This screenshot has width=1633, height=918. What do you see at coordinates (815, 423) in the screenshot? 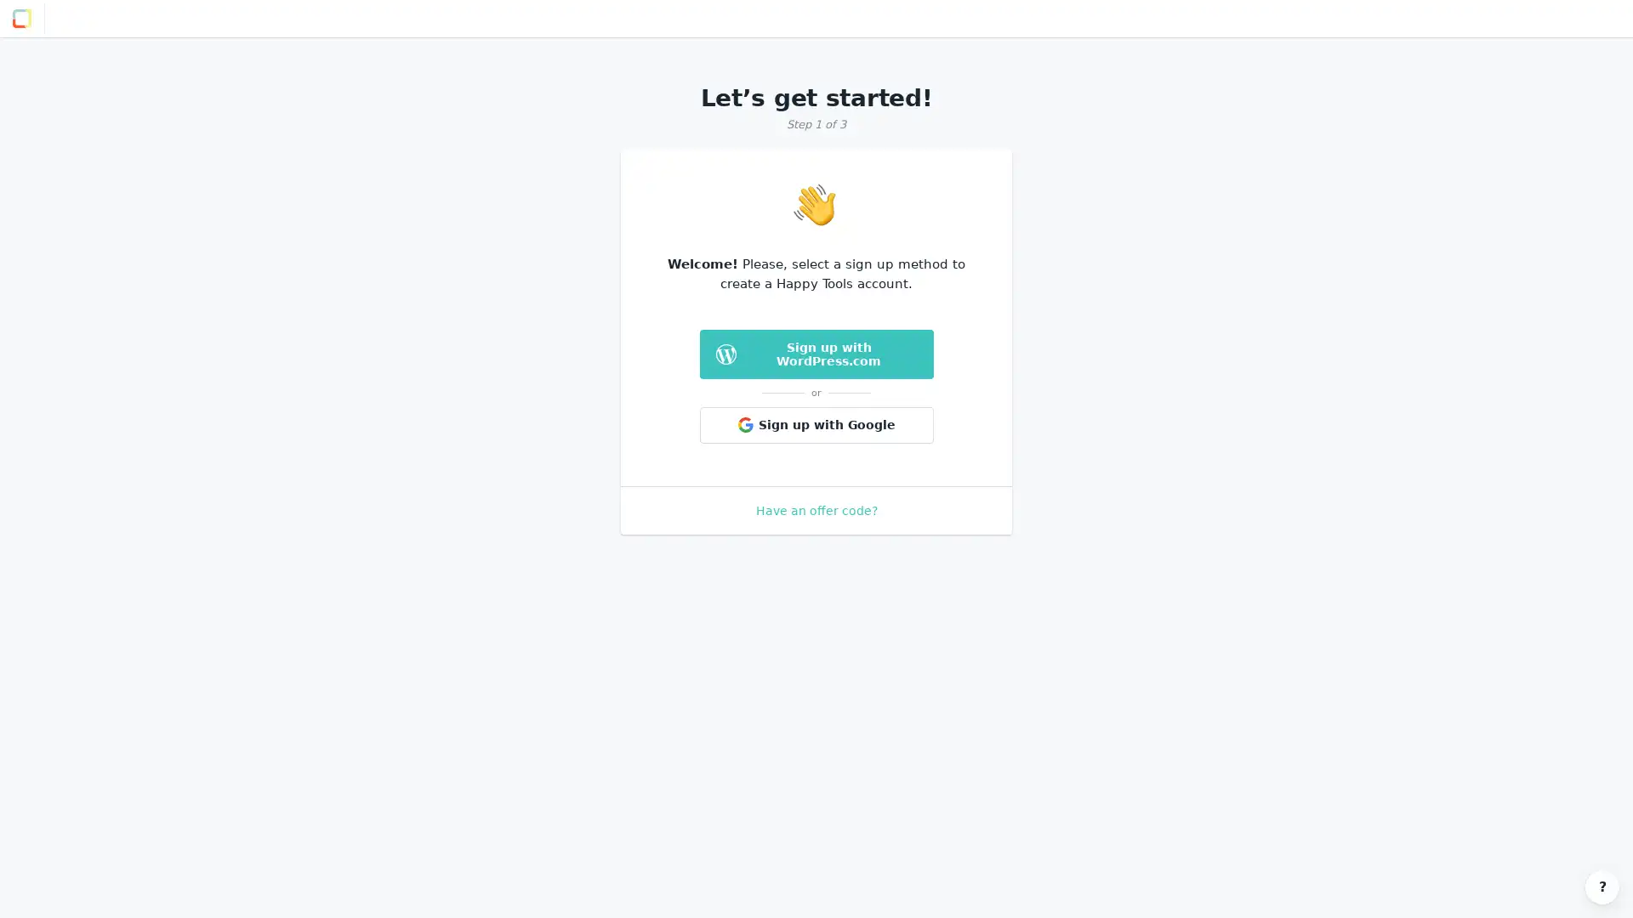
I see `Sign up with Google` at bounding box center [815, 423].